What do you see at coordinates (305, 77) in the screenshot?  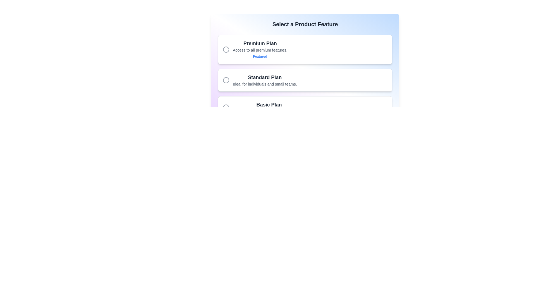 I see `details of the 'Standard Plan' in the product plans option selector, which is the second item in a vertically stacked layout of plans` at bounding box center [305, 77].